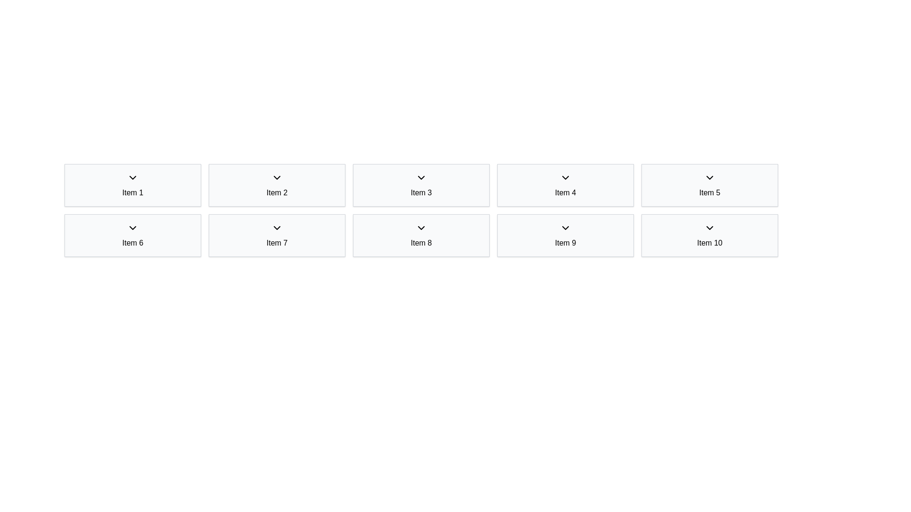 The image size is (911, 512). What do you see at coordinates (277, 228) in the screenshot?
I see `the down-pointing chevron icon, which represents the dropdown indicator located in the seventh item of a grid layout` at bounding box center [277, 228].